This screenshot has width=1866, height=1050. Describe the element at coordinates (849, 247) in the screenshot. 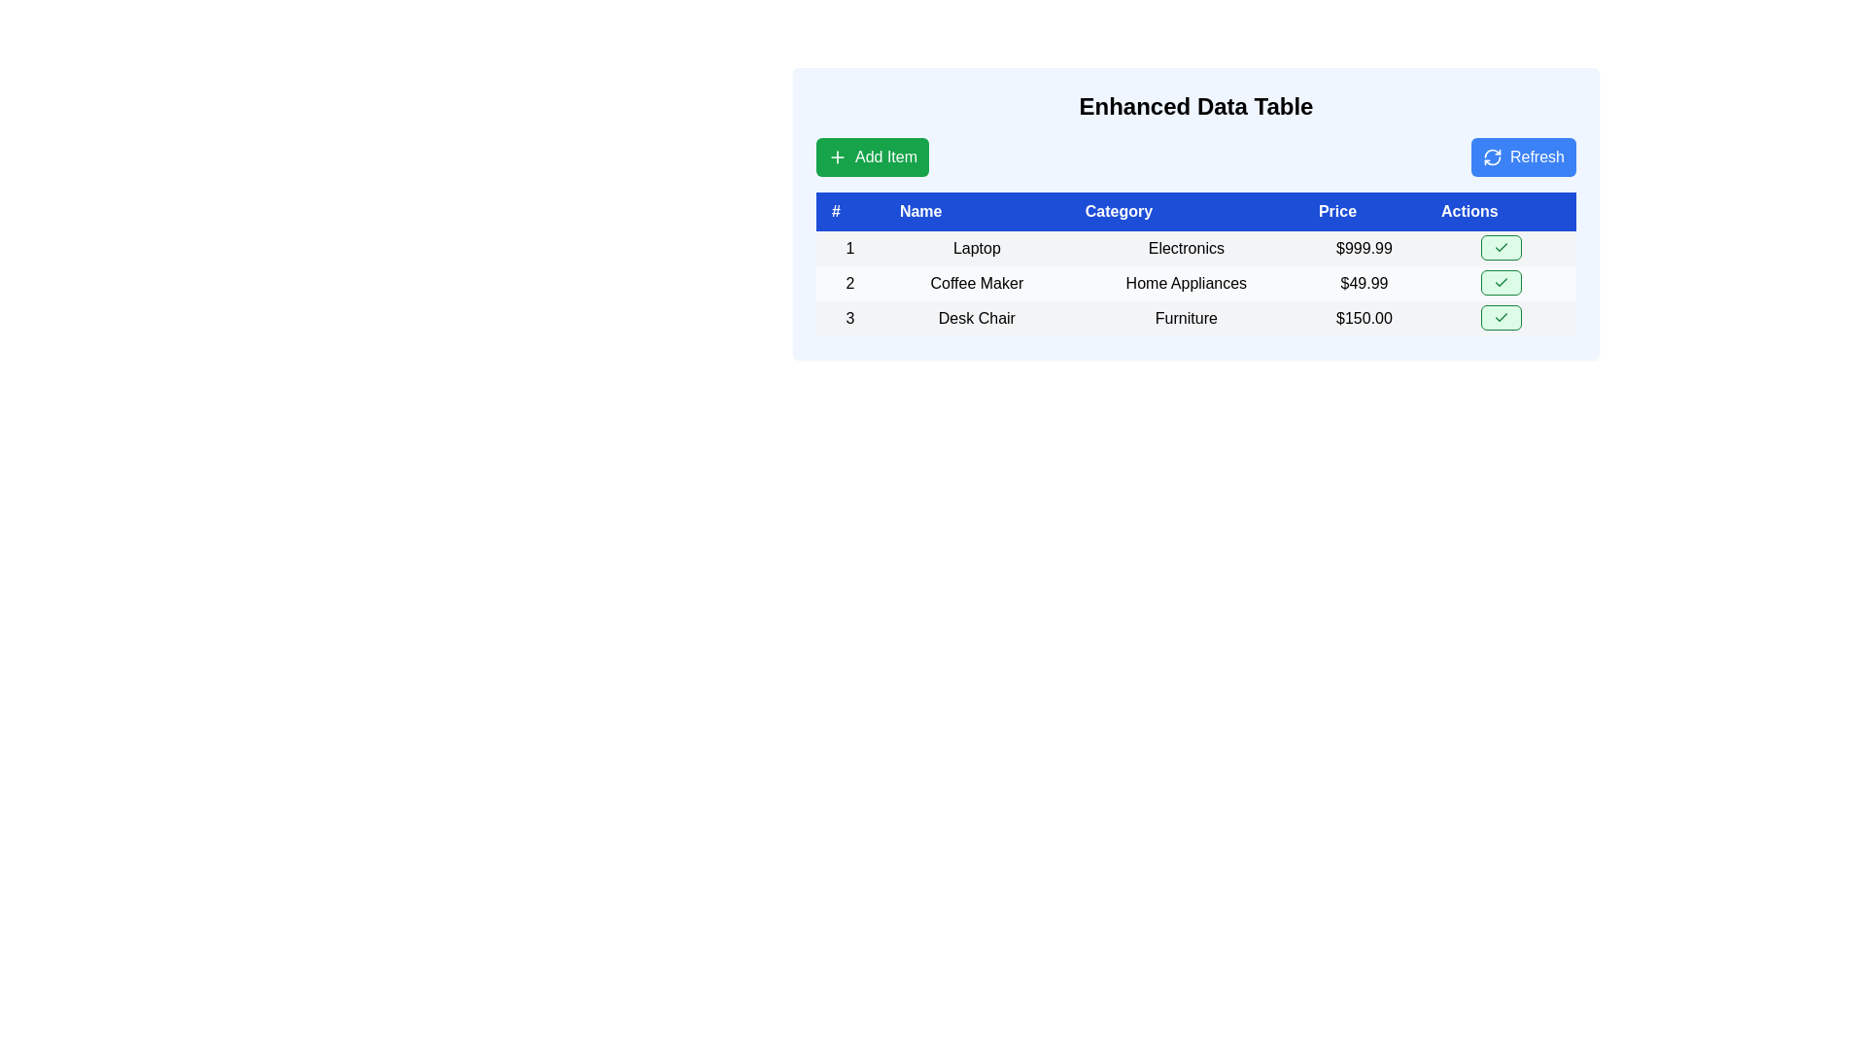

I see `the table cell displaying an ordinal number, which is located` at that location.